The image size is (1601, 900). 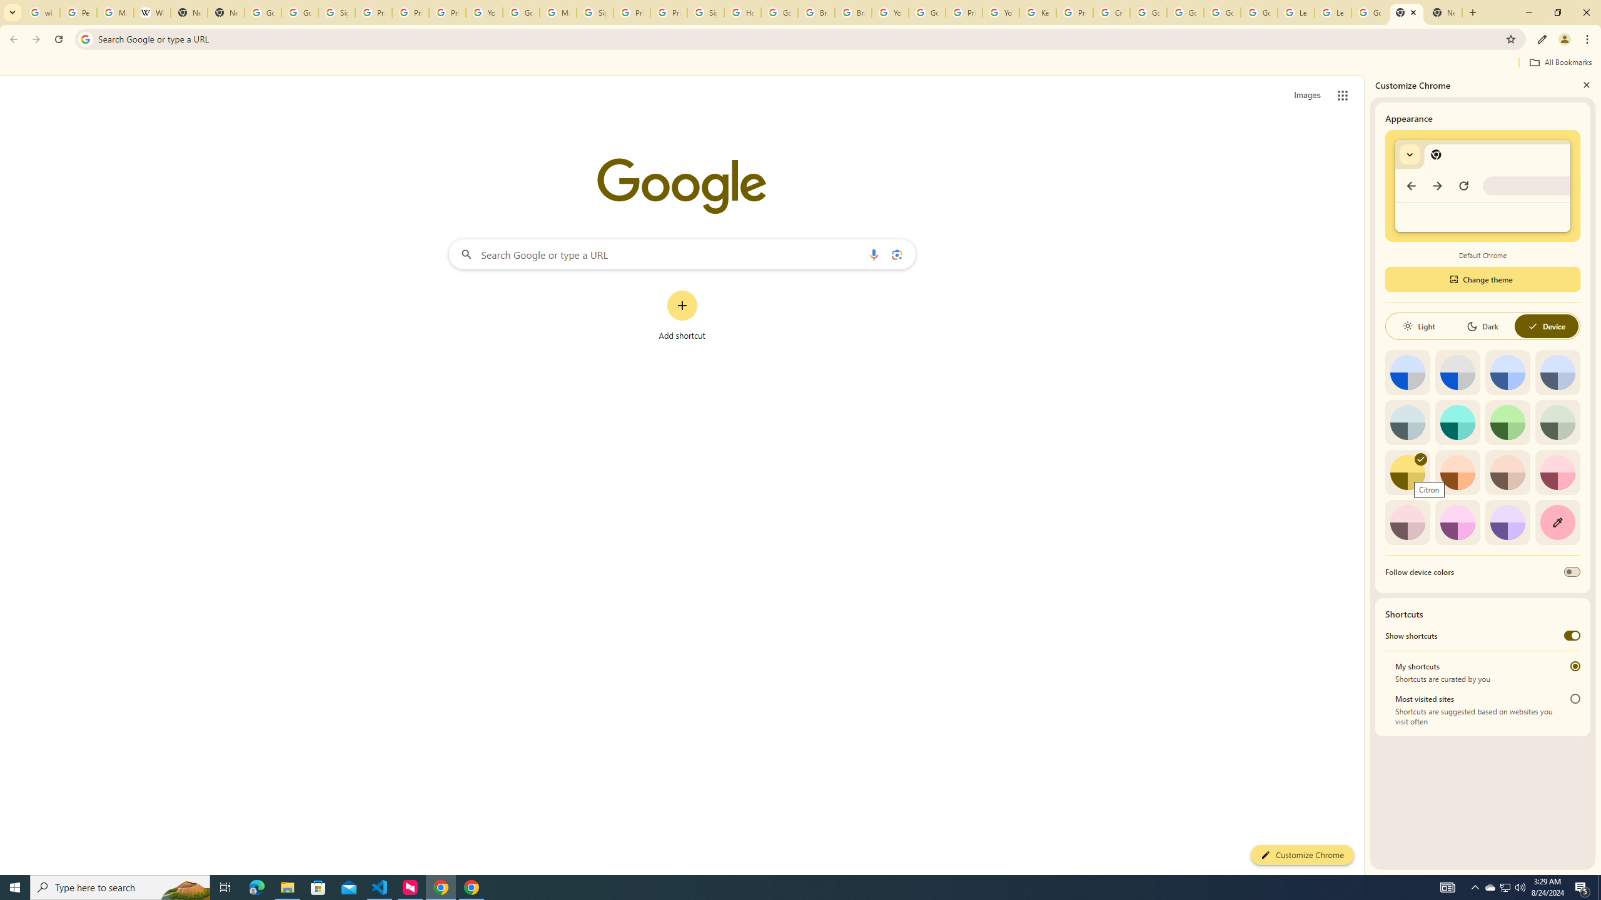 I want to click on 'Citron', so click(x=1407, y=472).